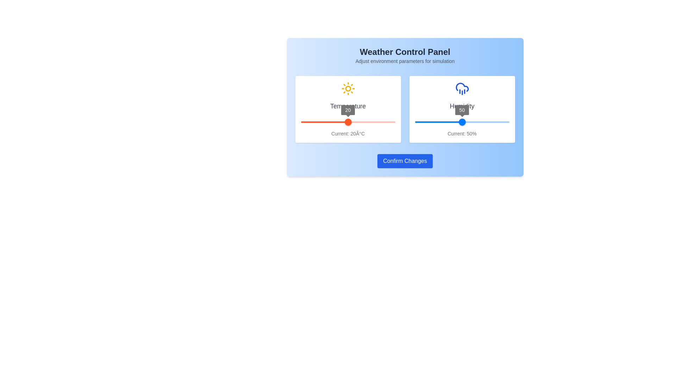 The height and width of the screenshot is (380, 676). What do you see at coordinates (348, 88) in the screenshot?
I see `the sun icon located at the top of the temperature control section within the 'Weather Control Panel' interface, which serves as a visual indicator for temperature adjustment` at bounding box center [348, 88].